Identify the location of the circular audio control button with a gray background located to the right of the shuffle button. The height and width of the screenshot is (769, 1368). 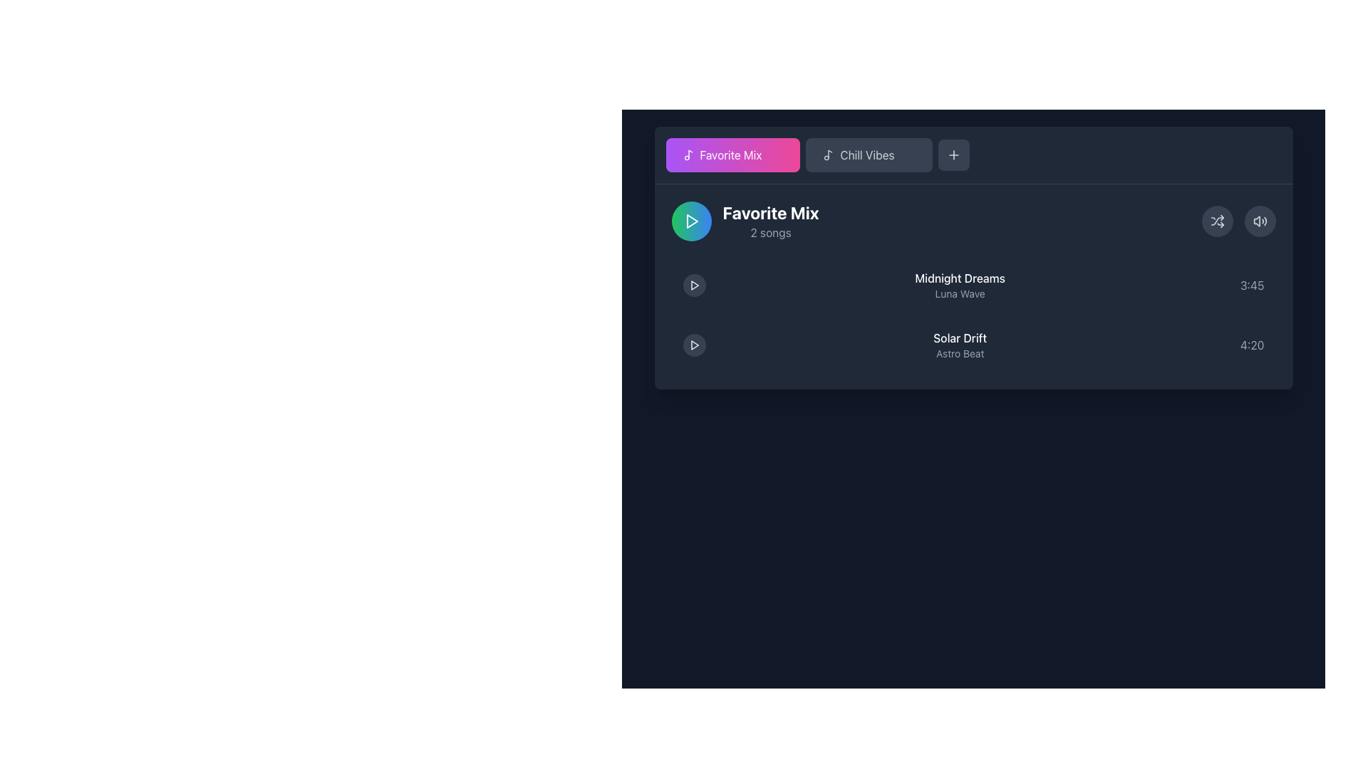
(1260, 221).